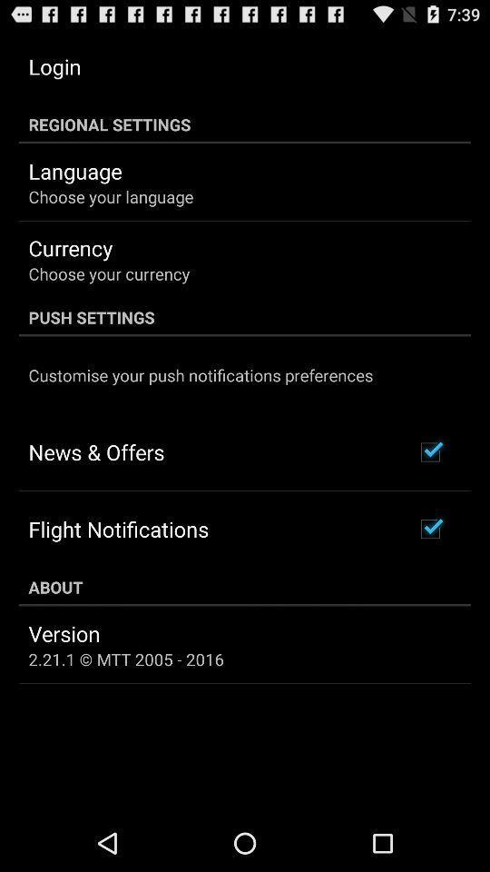  What do you see at coordinates (245, 317) in the screenshot?
I see `the push settings icon` at bounding box center [245, 317].